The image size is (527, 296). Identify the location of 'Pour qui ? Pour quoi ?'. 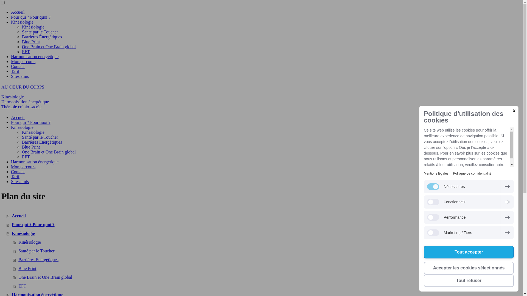
(30, 122).